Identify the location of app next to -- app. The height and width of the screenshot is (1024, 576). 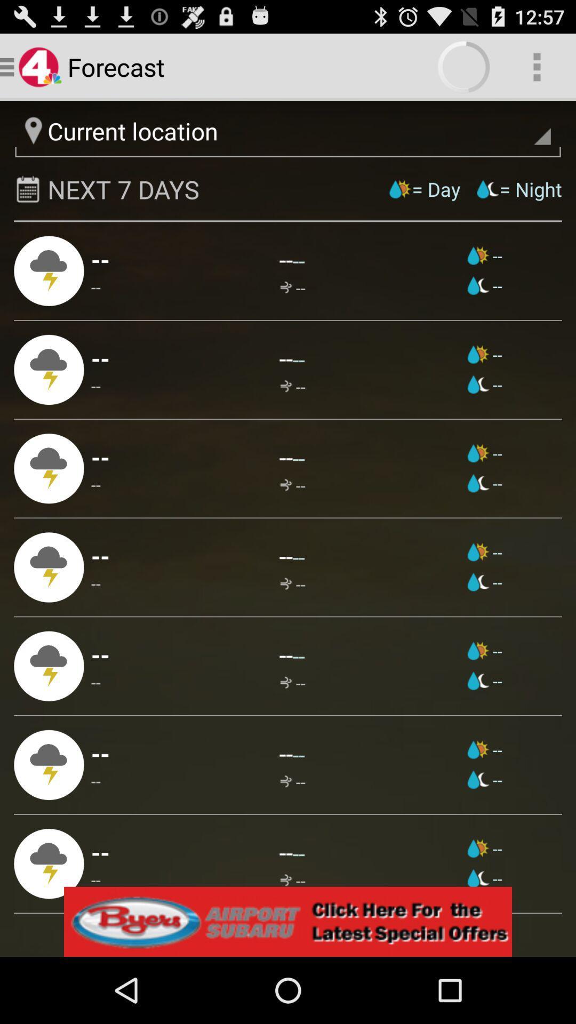
(292, 386).